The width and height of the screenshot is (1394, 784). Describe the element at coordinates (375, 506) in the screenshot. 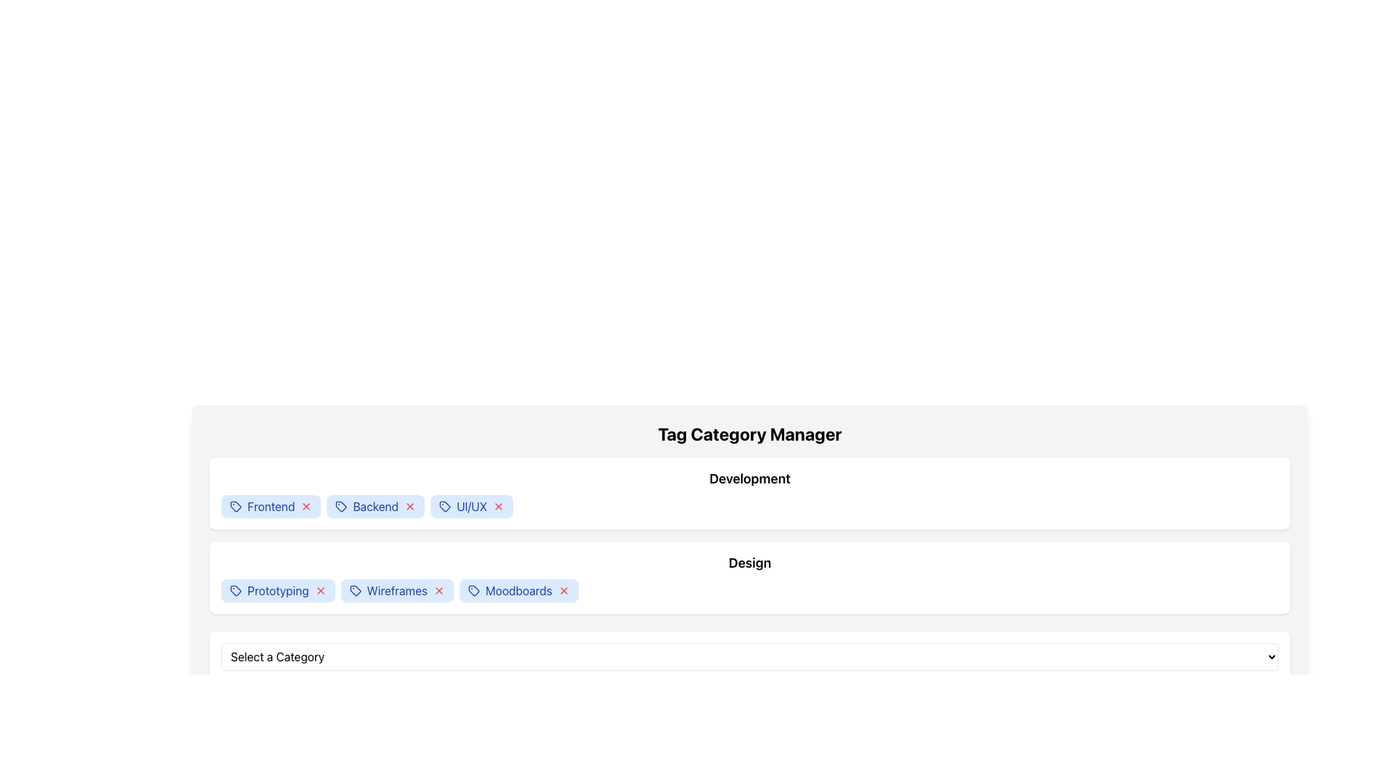

I see `the label 'Backend', which is styled as blue text on a light blue background, located in the horizontal list of tags within the 'Development' section` at that location.